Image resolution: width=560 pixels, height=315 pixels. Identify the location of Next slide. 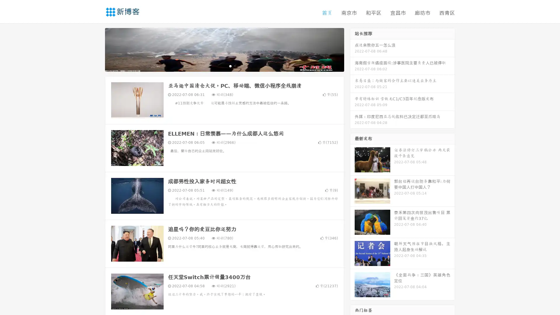
(352, 49).